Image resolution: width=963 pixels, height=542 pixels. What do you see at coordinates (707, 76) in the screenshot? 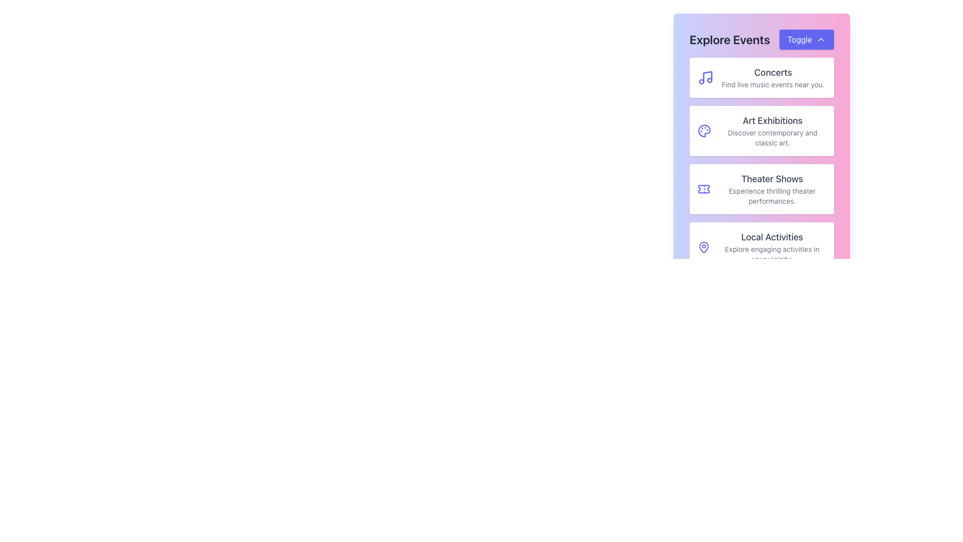
I see `the vertical bar of the music note icon, which is the first icon listed under the 'Concerts' section of the interface menu` at bounding box center [707, 76].